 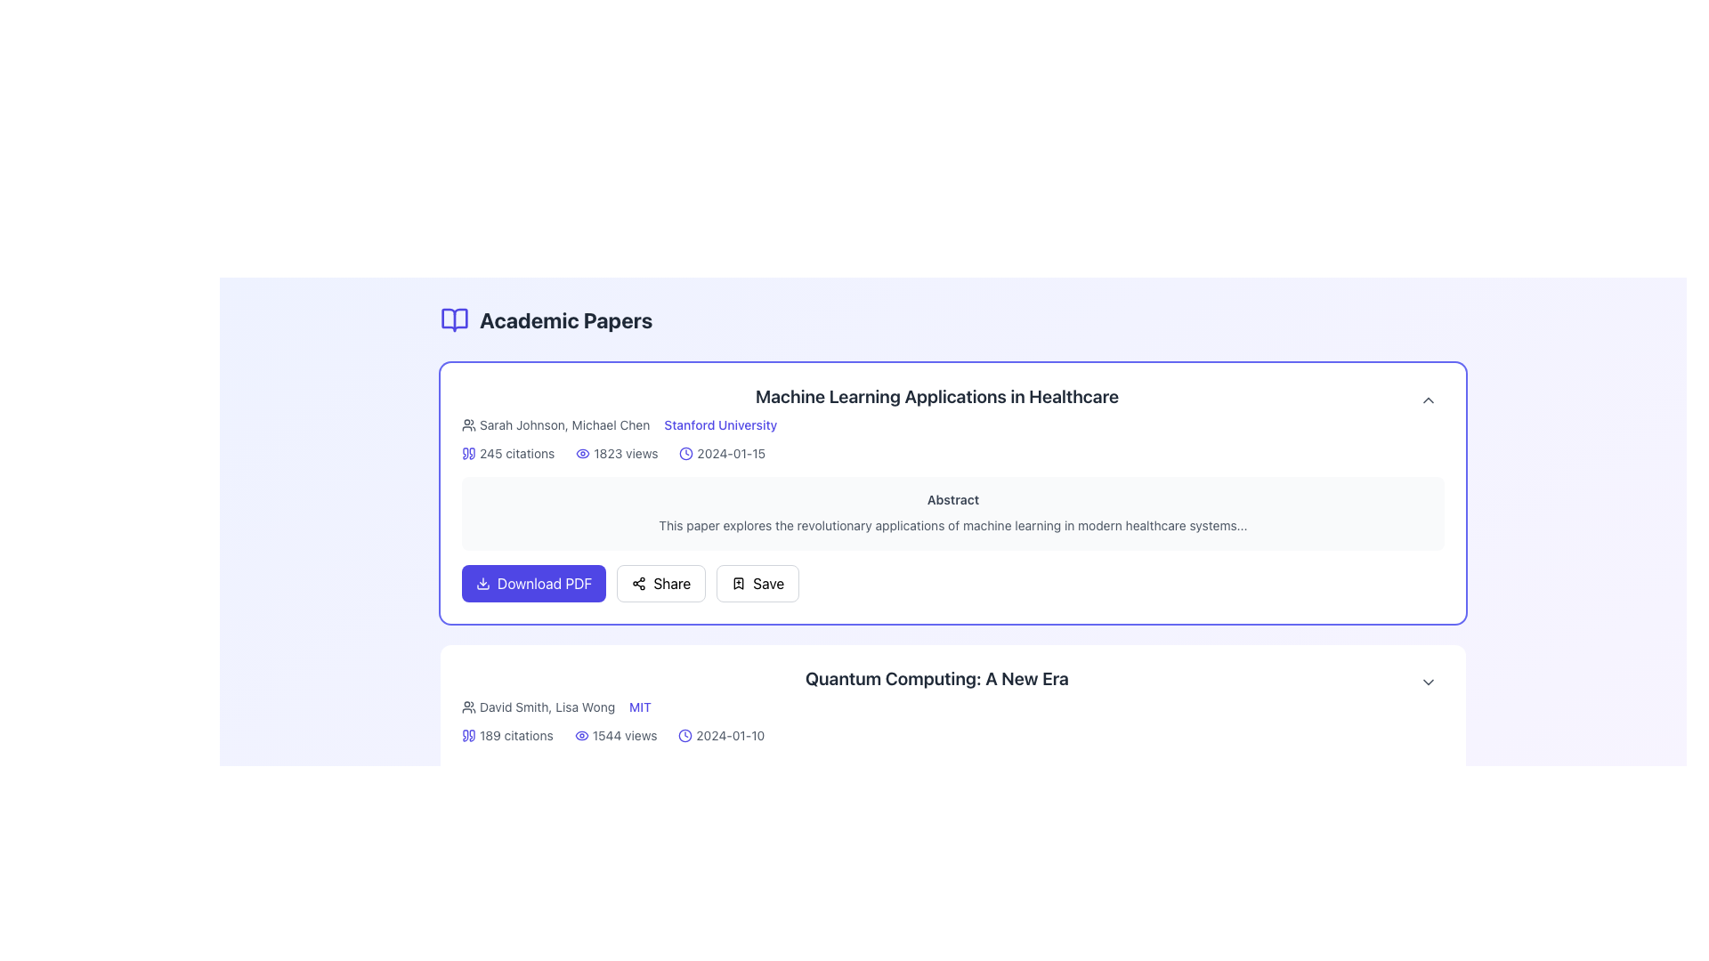 What do you see at coordinates (640, 706) in the screenshot?
I see `the text label that indicates the institutional or organizational affiliation, which is positioned to the right of the authors 'David Smith, Lisa Wong'` at bounding box center [640, 706].